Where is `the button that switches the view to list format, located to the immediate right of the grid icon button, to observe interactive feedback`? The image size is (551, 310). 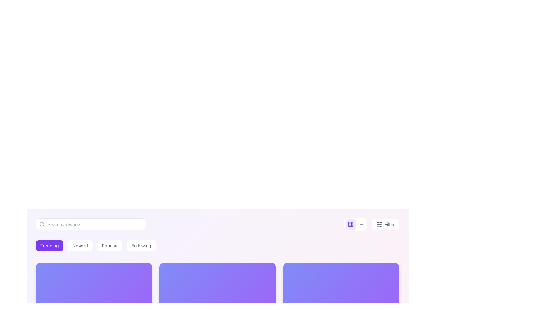 the button that switches the view to list format, located to the immediate right of the grid icon button, to observe interactive feedback is located at coordinates (360, 224).